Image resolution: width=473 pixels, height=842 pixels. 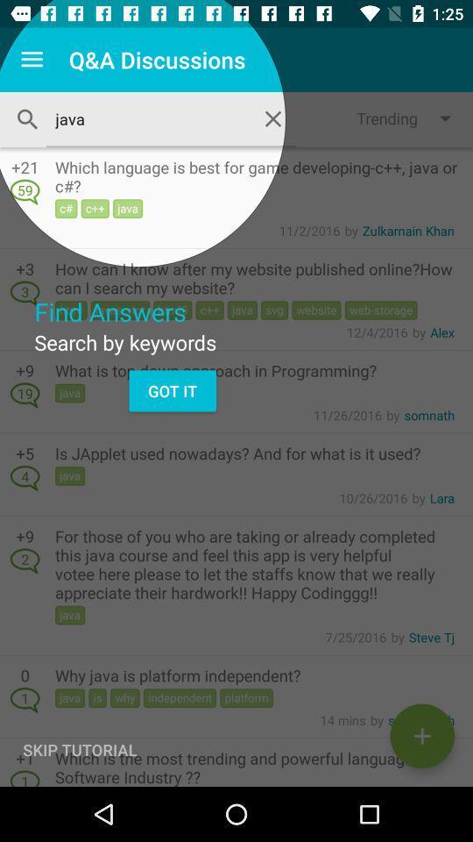 I want to click on the add icon, so click(x=421, y=736).